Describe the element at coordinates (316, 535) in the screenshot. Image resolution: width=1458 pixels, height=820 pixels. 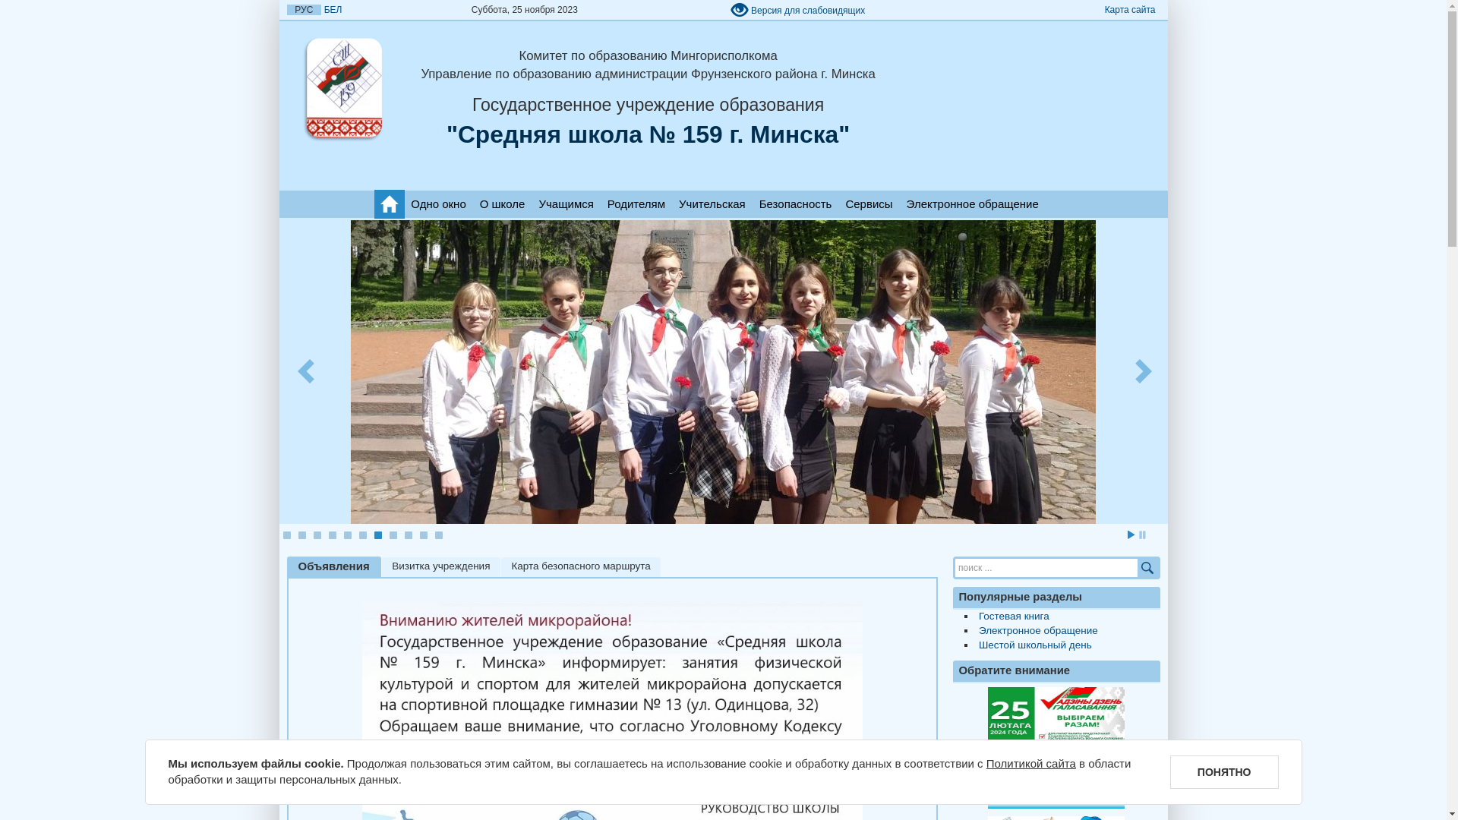
I see `'3'` at that location.